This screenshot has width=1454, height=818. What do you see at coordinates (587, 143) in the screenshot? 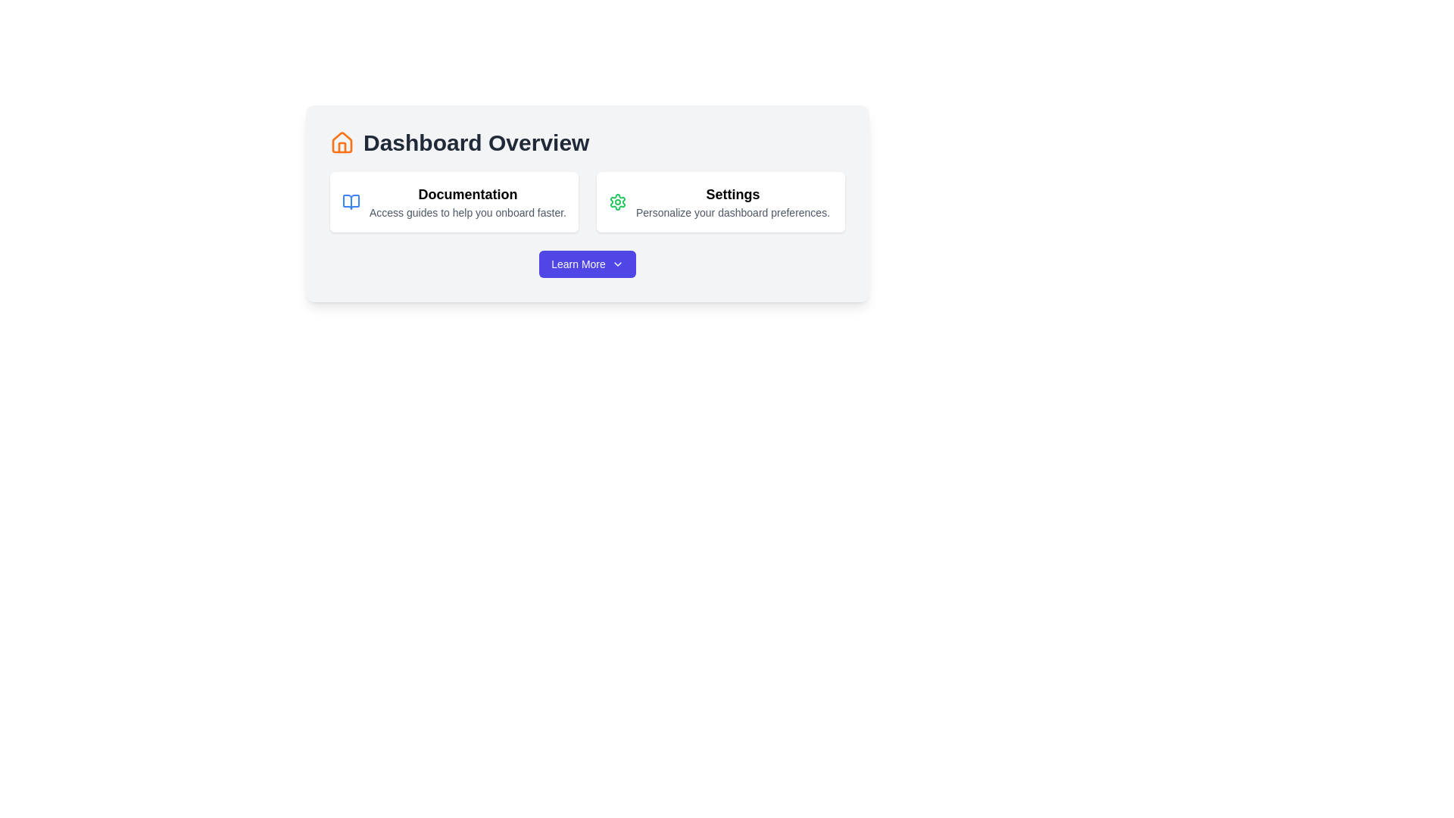
I see `the Header with Icon that indicates the overview of the dashboard, which is centrally located within a light gray box above the Documentation and Settings content boxes` at bounding box center [587, 143].